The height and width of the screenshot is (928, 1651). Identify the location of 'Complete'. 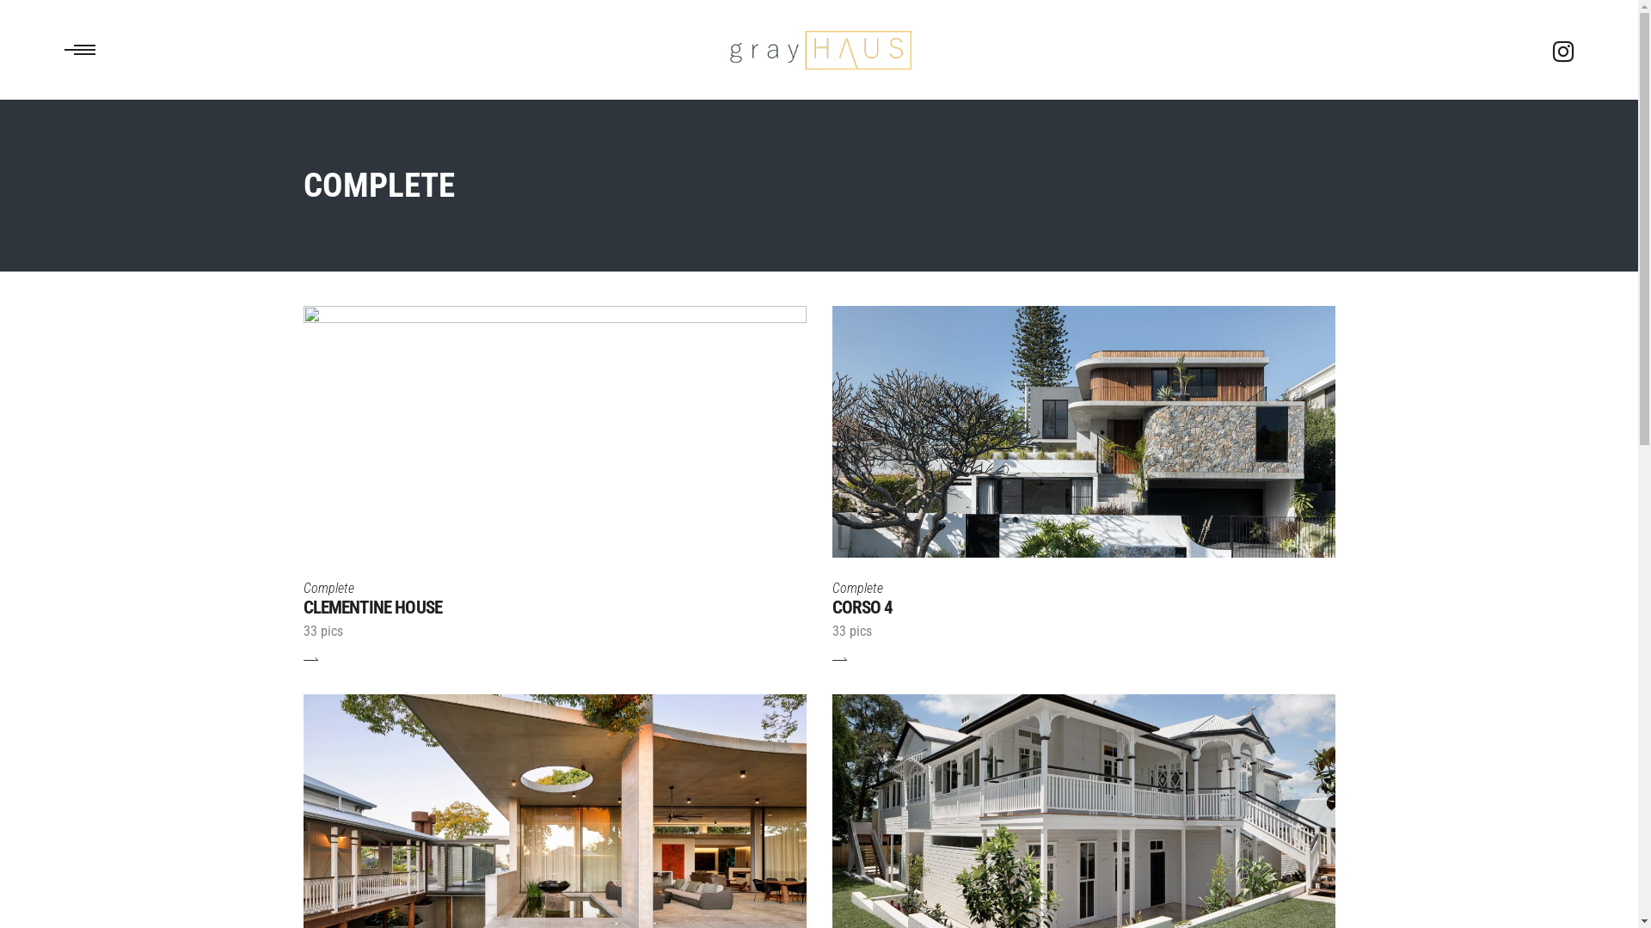
(328, 587).